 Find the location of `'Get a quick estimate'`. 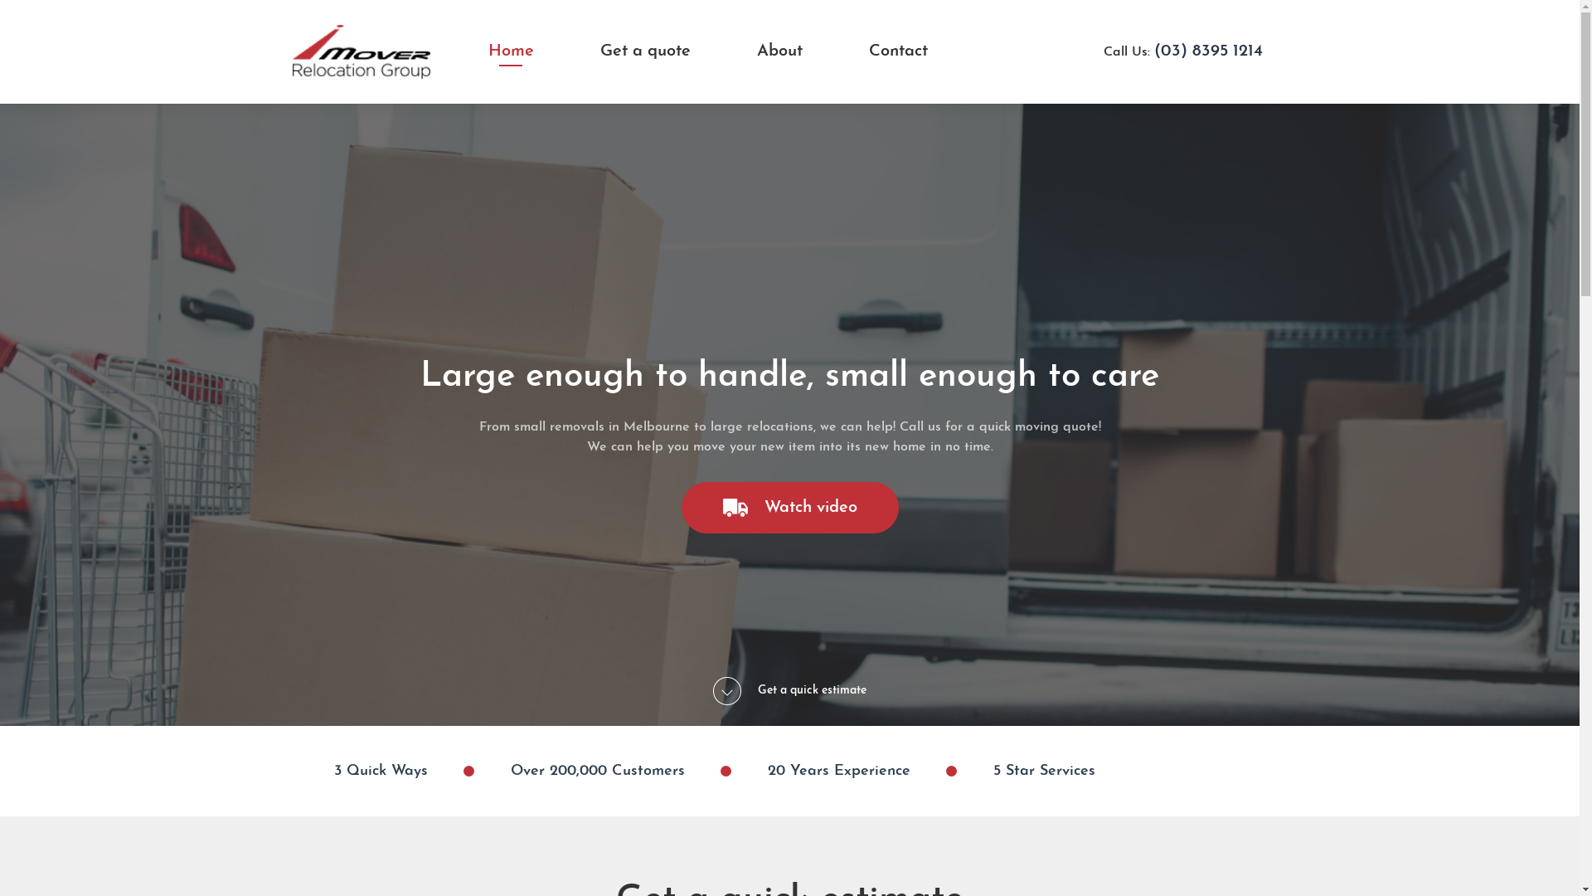

'Get a quick estimate' is located at coordinates (789, 691).